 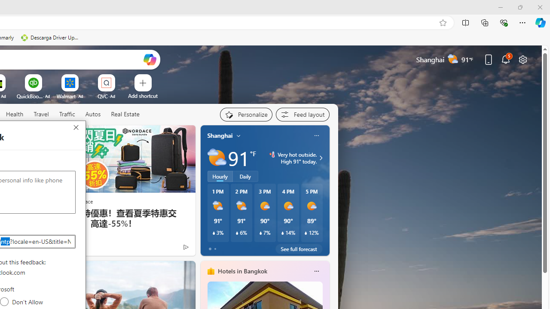 I want to click on 'Traffic', so click(x=67, y=114).